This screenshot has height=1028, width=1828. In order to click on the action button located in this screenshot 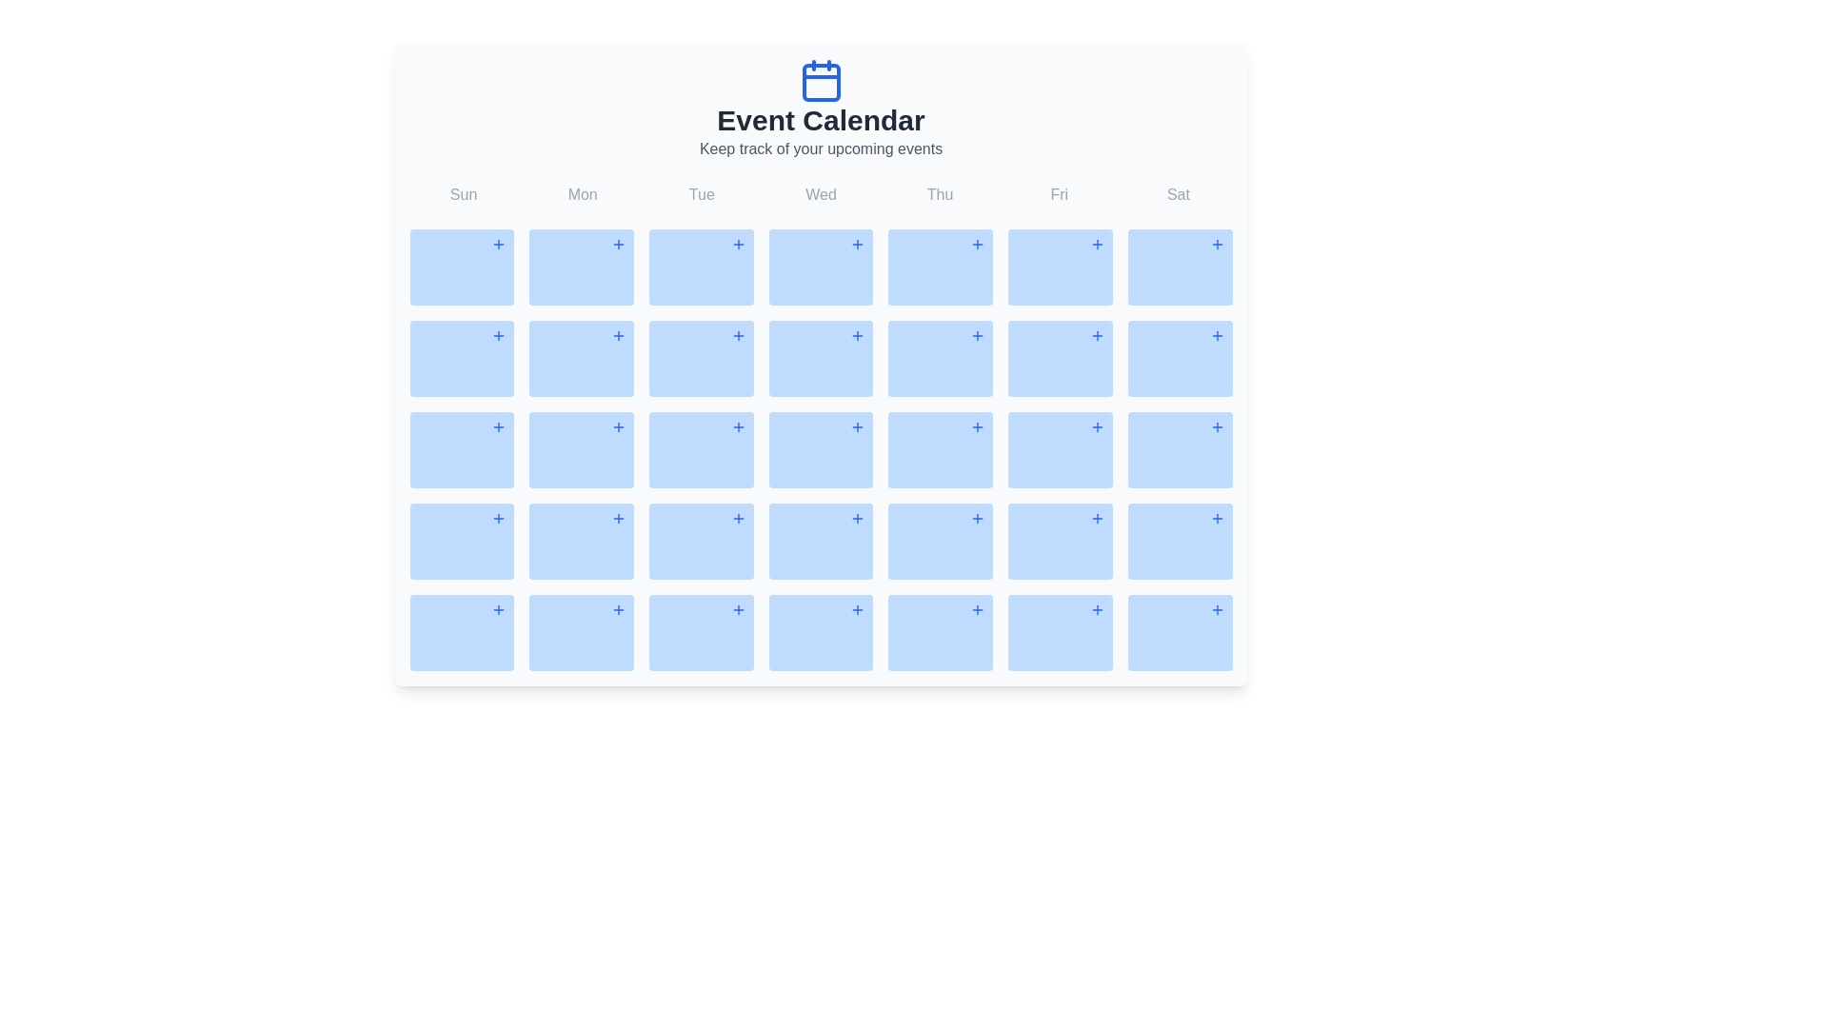, I will do `click(618, 609)`.